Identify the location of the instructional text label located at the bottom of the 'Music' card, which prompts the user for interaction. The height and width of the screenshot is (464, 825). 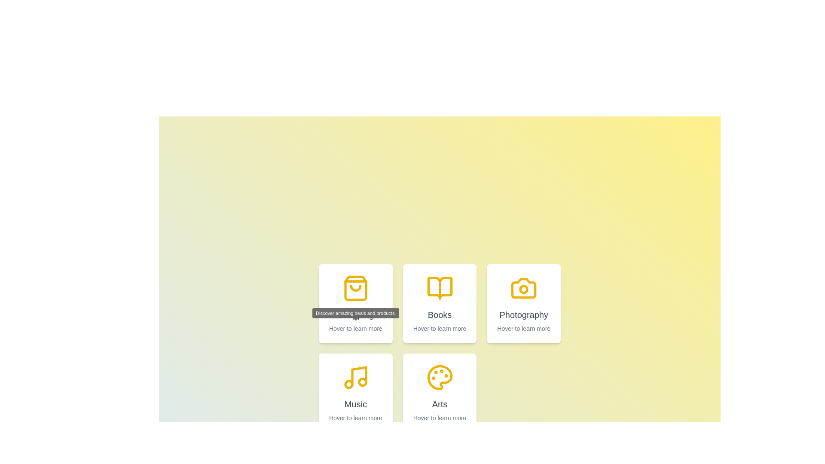
(355, 417).